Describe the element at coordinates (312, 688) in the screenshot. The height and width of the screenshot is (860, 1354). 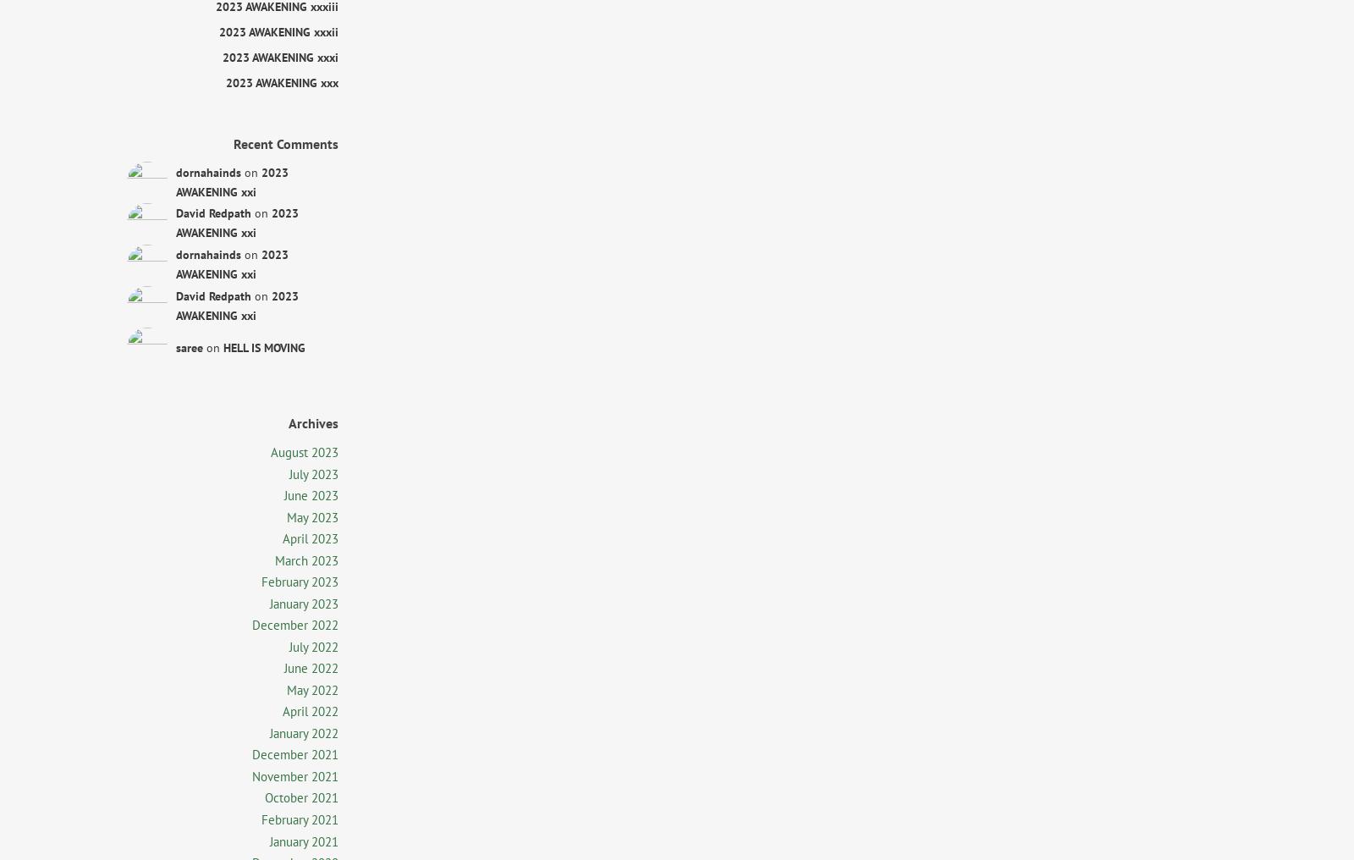
I see `'May 2022'` at that location.